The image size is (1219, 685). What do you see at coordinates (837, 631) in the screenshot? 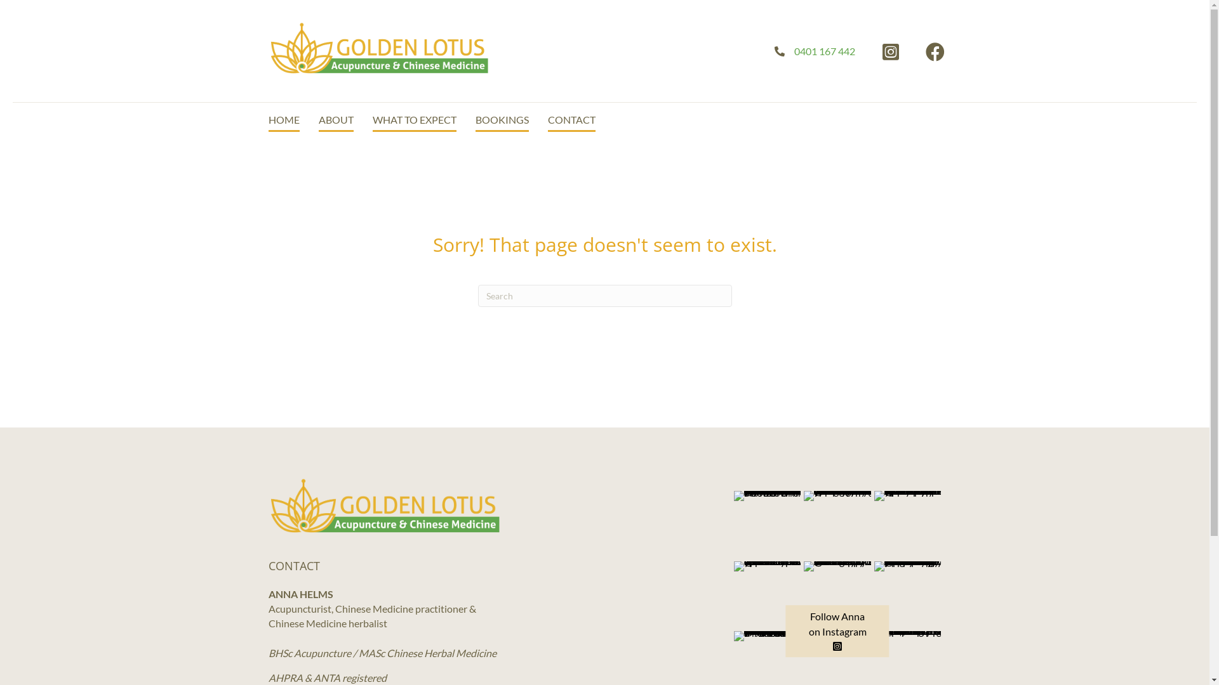
I see `'Follow Anna on Instagram'` at bounding box center [837, 631].